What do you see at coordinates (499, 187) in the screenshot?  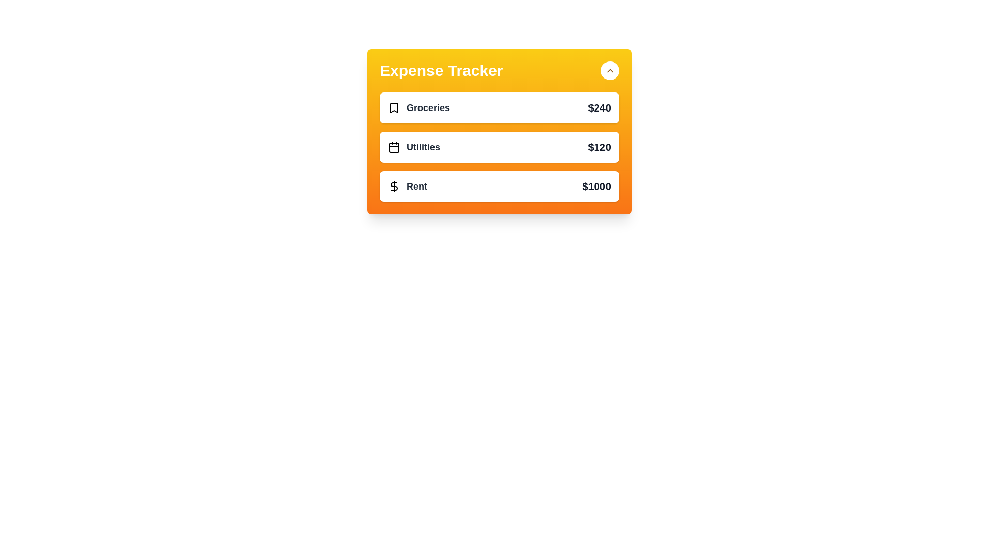 I see `the expense item labeled Rent` at bounding box center [499, 187].